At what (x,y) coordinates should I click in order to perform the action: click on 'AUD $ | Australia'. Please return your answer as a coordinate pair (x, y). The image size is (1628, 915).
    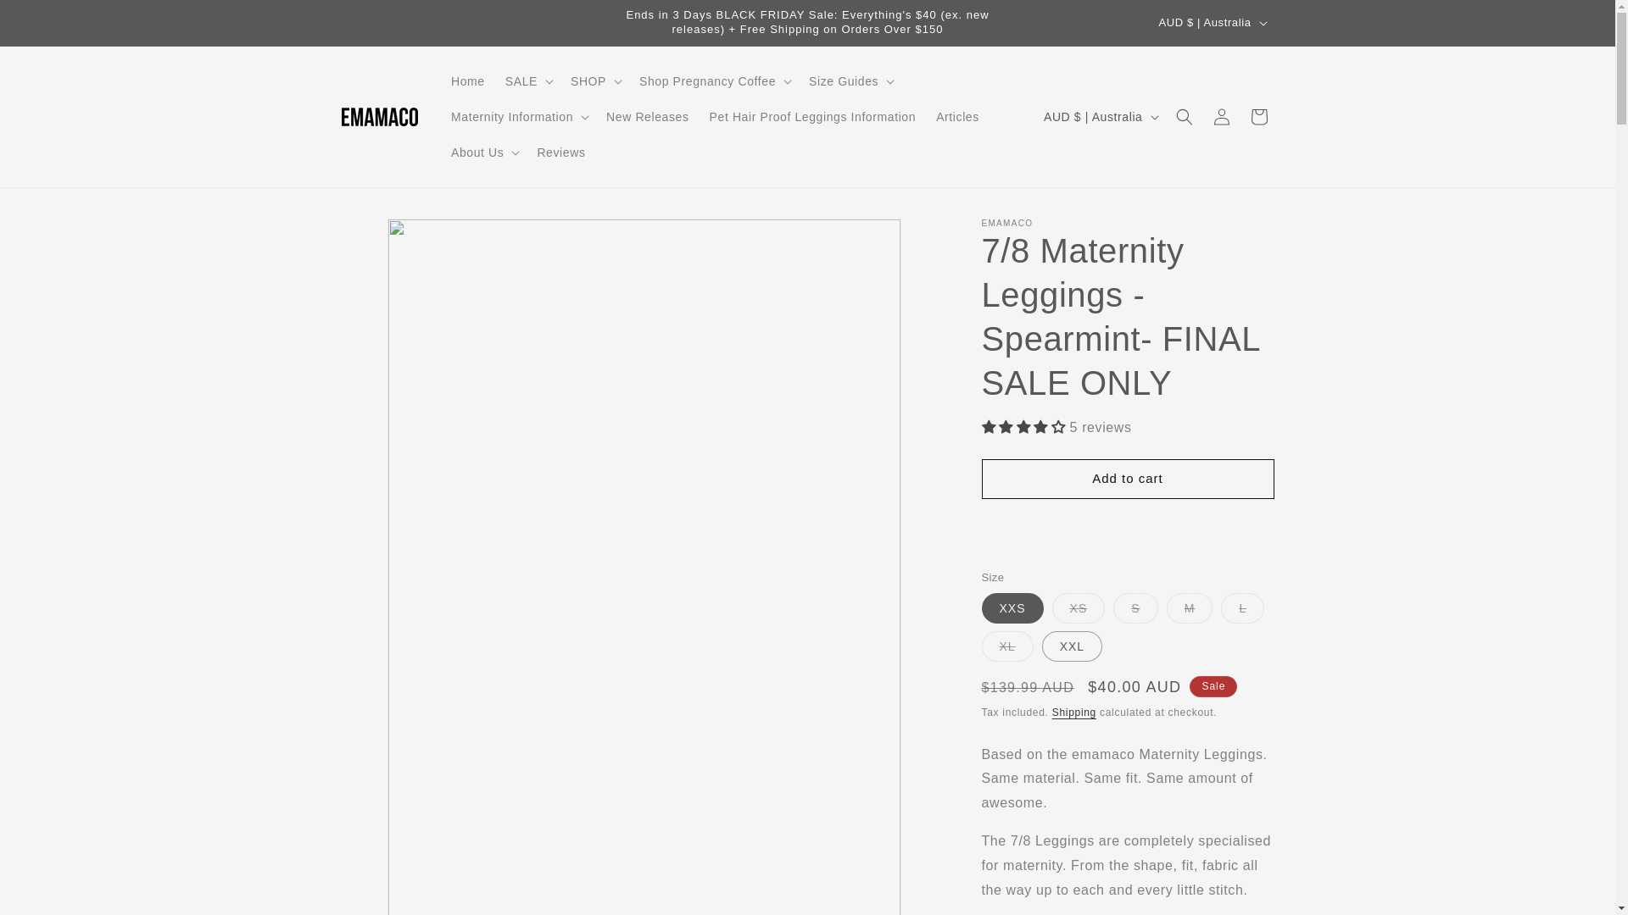
    Looking at the image, I should click on (1211, 23).